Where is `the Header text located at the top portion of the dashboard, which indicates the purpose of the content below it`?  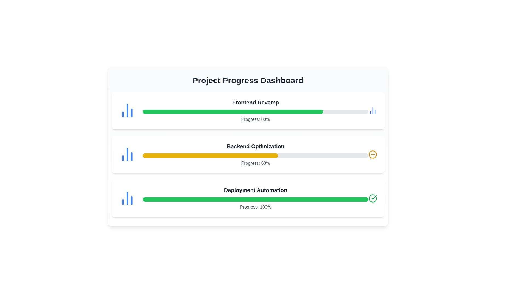 the Header text located at the top portion of the dashboard, which indicates the purpose of the content below it is located at coordinates (248, 80).